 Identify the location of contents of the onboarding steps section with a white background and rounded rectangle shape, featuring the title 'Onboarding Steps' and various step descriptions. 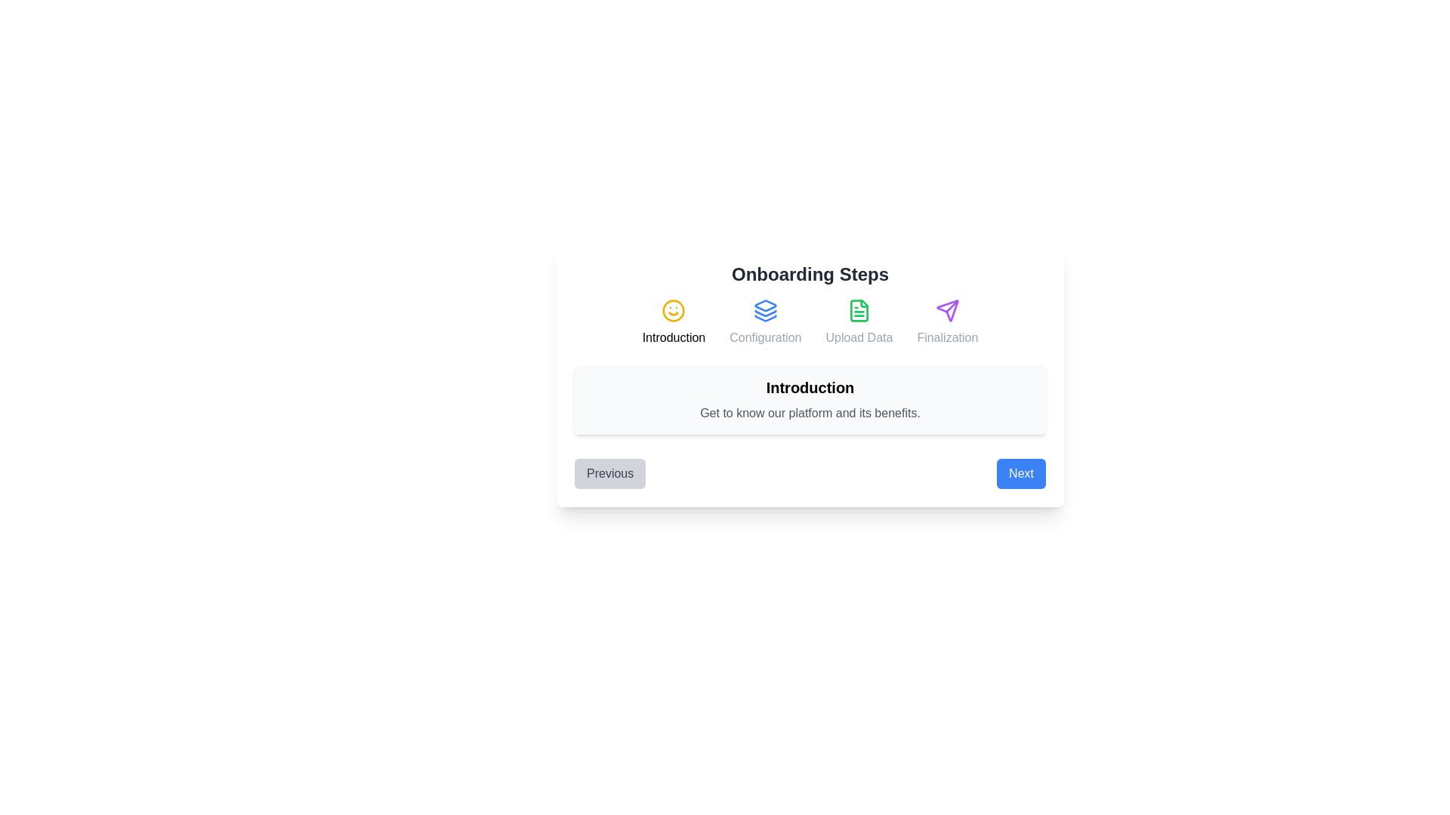
(810, 374).